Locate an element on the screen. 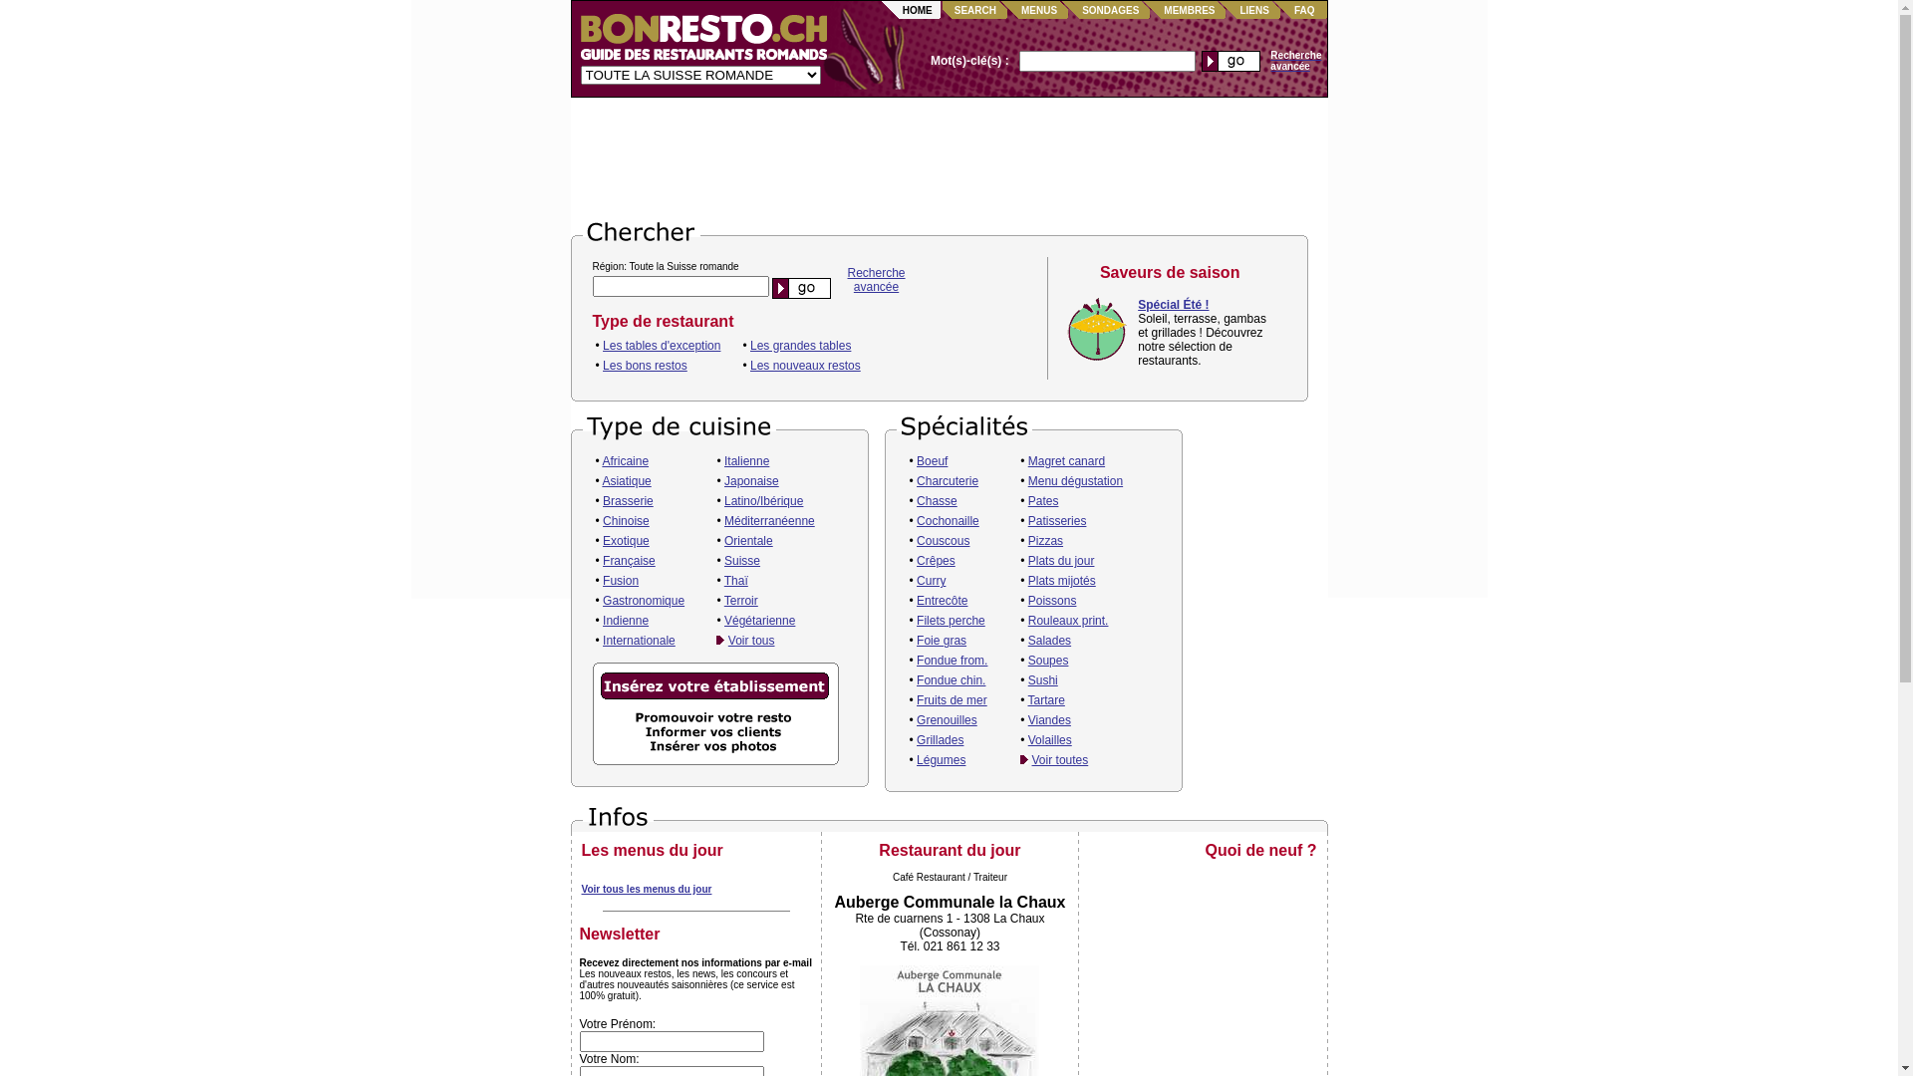 The width and height of the screenshot is (1913, 1076). 'Orientale' is located at coordinates (747, 541).